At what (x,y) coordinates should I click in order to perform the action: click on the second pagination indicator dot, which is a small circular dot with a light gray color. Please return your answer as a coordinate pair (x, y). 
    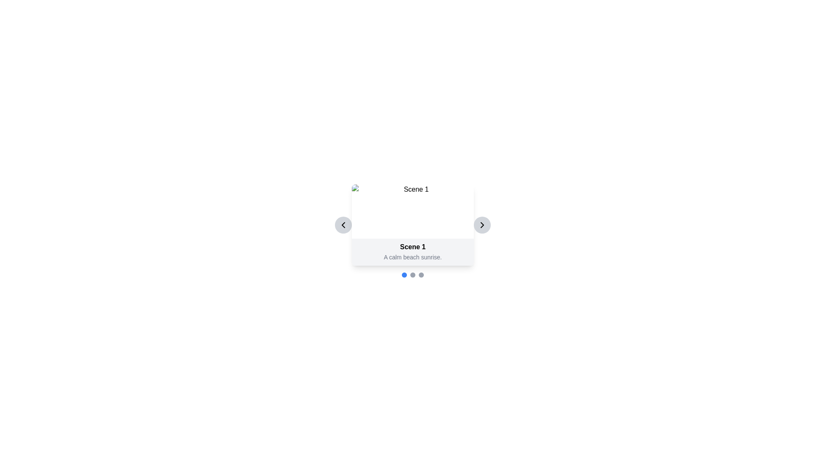
    Looking at the image, I should click on (412, 275).